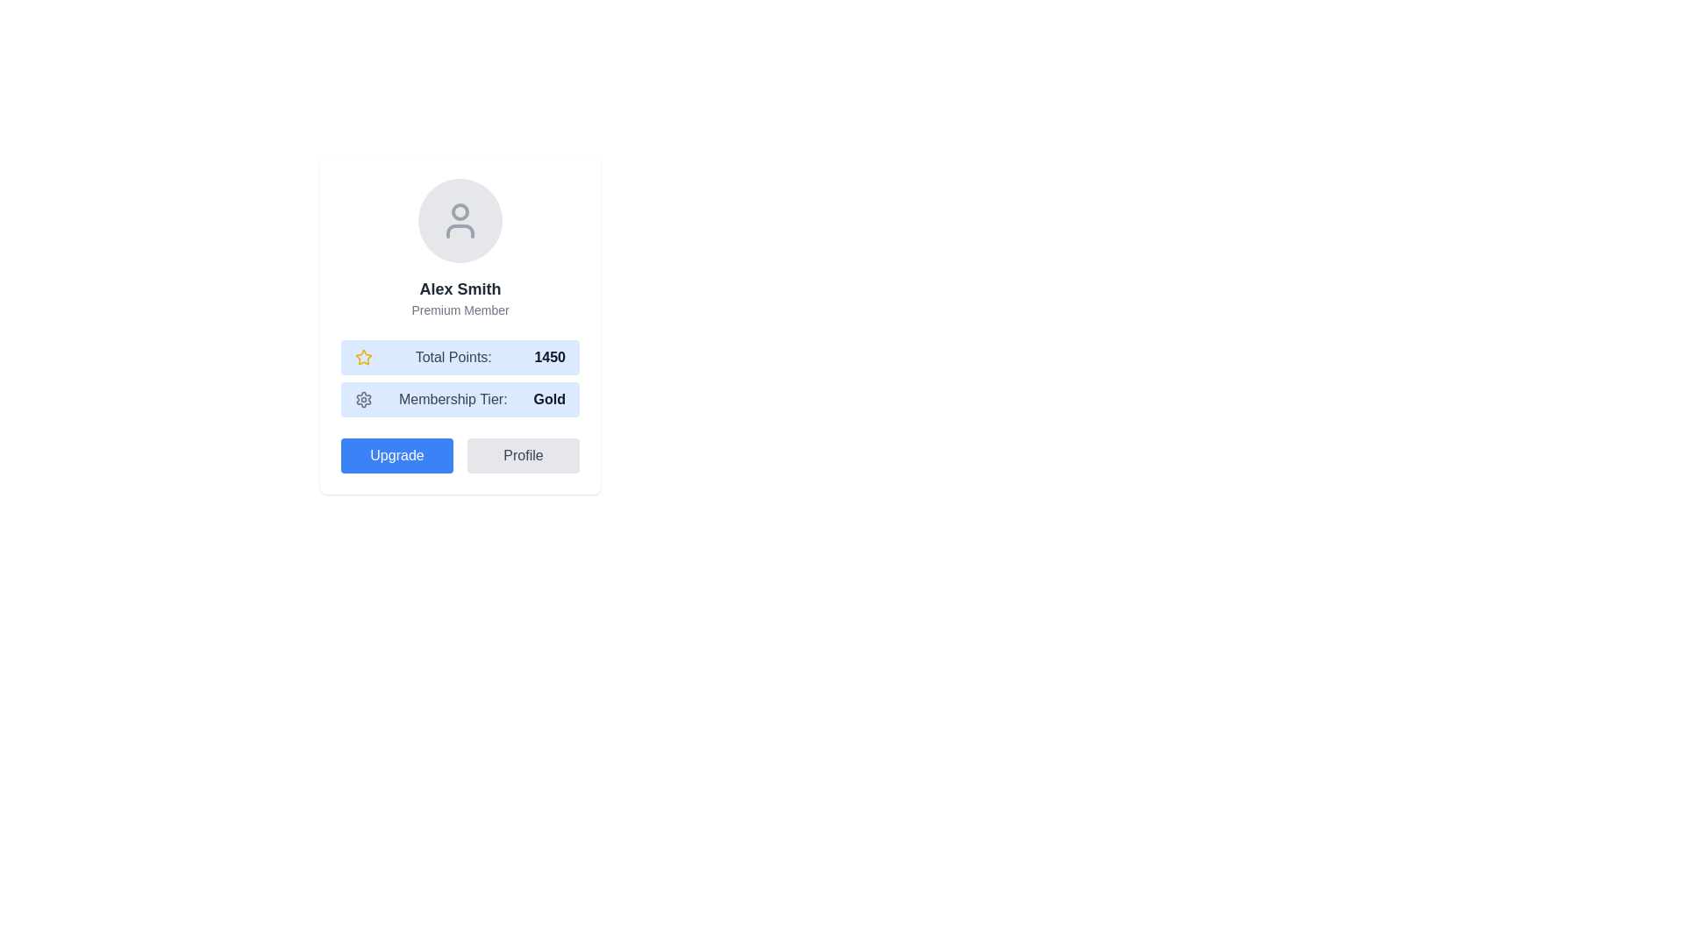  What do you see at coordinates (460, 288) in the screenshot?
I see `the text label displaying 'Alex Smith' in bold, large font, which is prominently positioned in the profile card layout` at bounding box center [460, 288].